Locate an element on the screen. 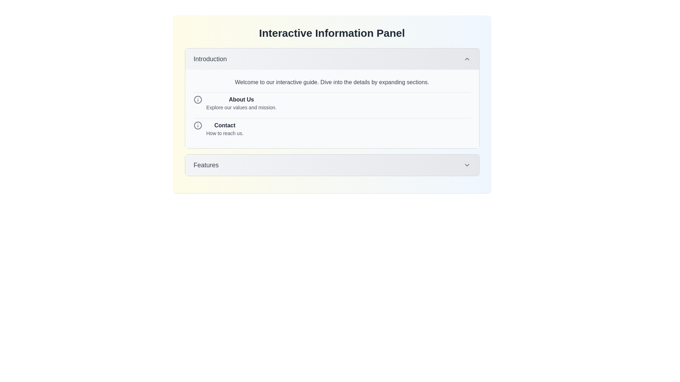 Image resolution: width=680 pixels, height=382 pixels. the static text that reads 'Explore our values and mission.' located beneath the 'About Us' heading is located at coordinates (241, 108).